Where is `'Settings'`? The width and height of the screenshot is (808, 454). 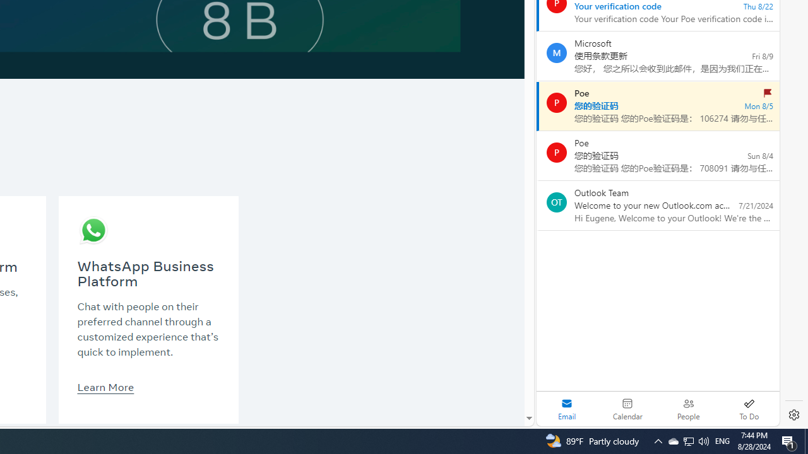
'Settings' is located at coordinates (793, 415).